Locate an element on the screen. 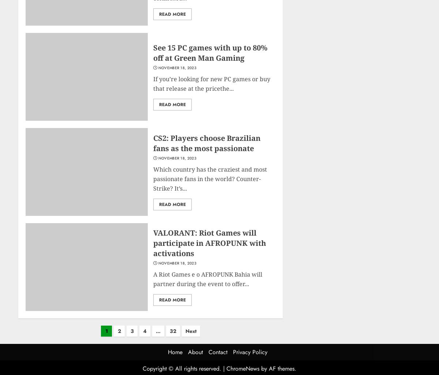  '|' is located at coordinates (225, 368).